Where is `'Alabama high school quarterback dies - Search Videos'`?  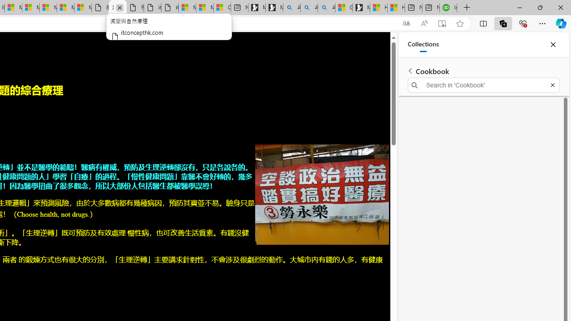
'Alabama high school quarterback dies - Search Videos' is located at coordinates (326, 8).